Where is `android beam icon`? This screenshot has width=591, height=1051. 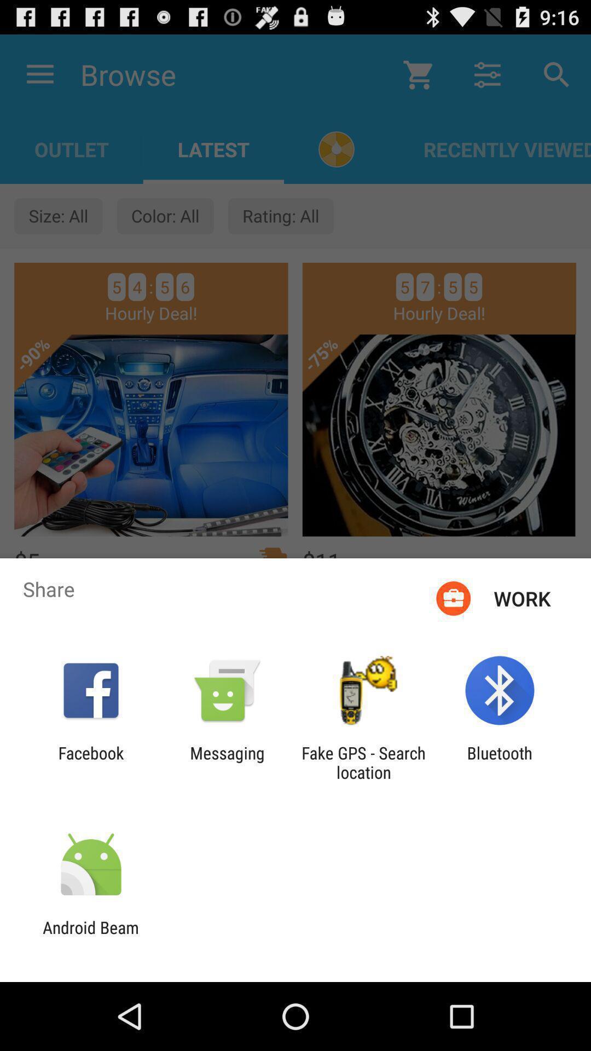
android beam icon is located at coordinates (90, 937).